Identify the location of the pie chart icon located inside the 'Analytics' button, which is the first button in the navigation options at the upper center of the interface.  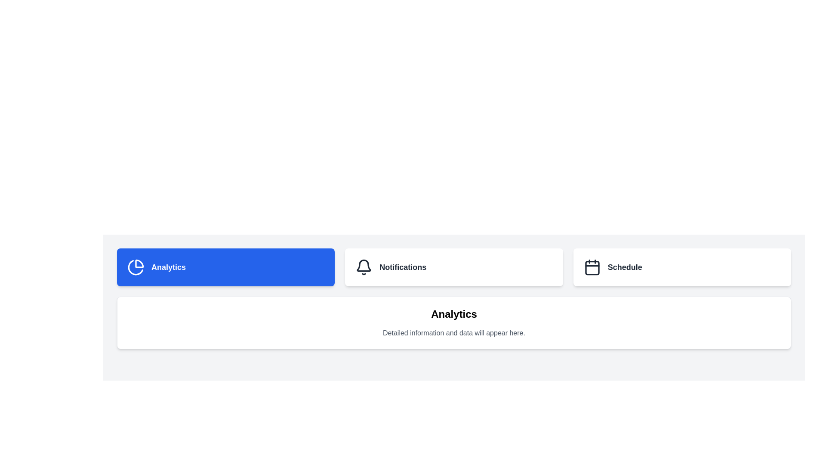
(136, 267).